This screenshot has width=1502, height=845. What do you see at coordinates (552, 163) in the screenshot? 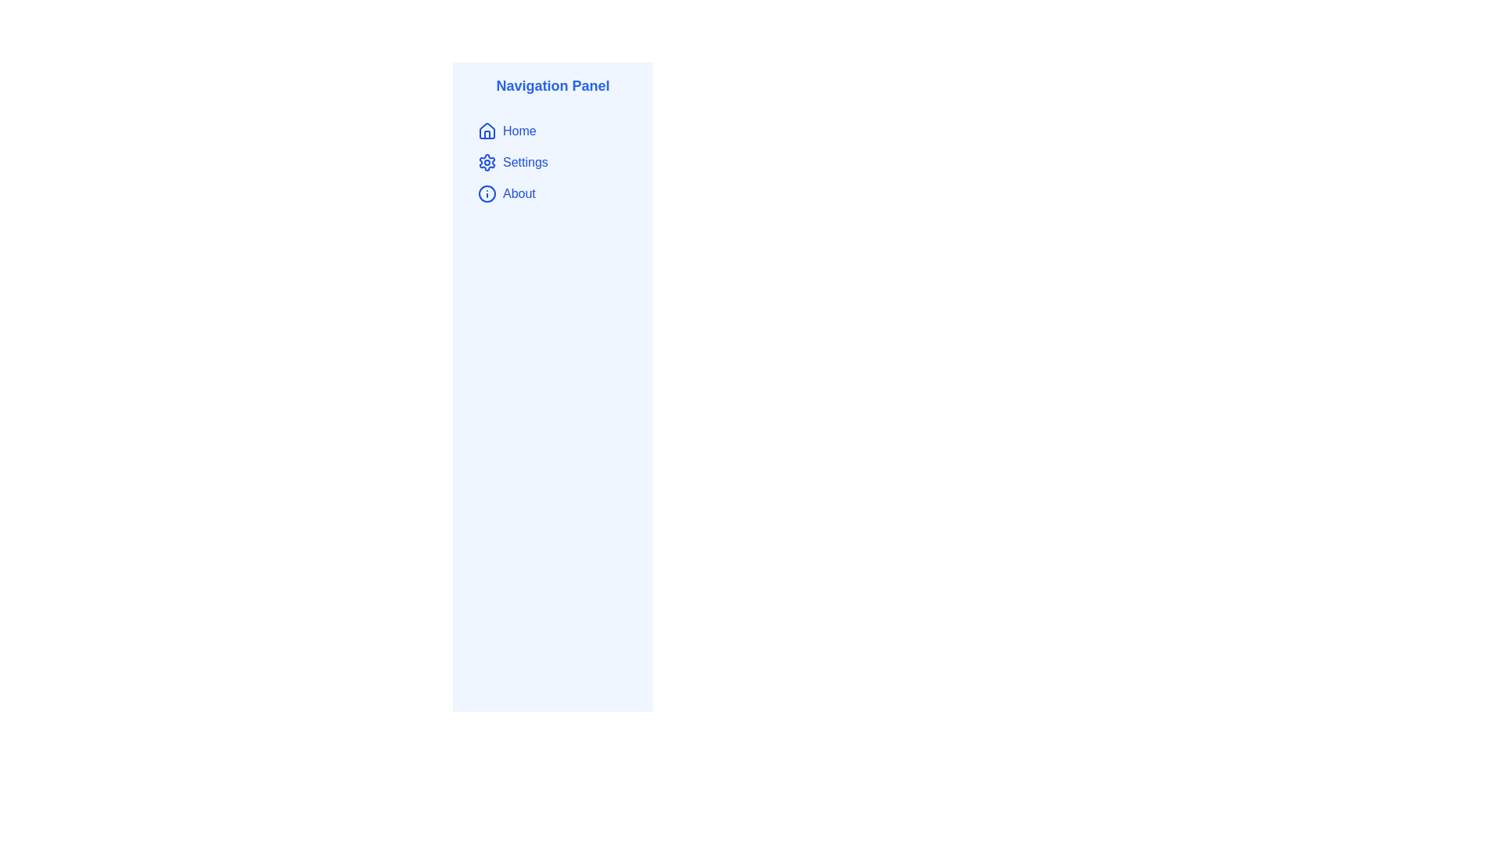
I see `the 'Settings' item in the vertical navigation menu` at bounding box center [552, 163].